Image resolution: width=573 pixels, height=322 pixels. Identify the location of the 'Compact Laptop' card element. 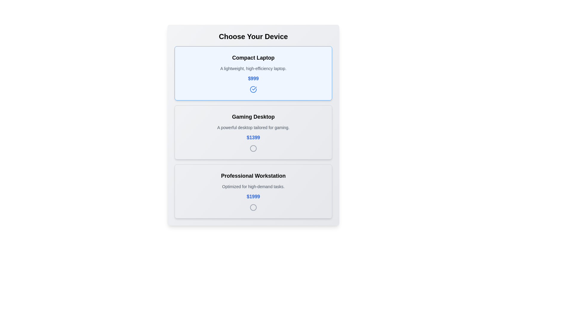
(253, 73).